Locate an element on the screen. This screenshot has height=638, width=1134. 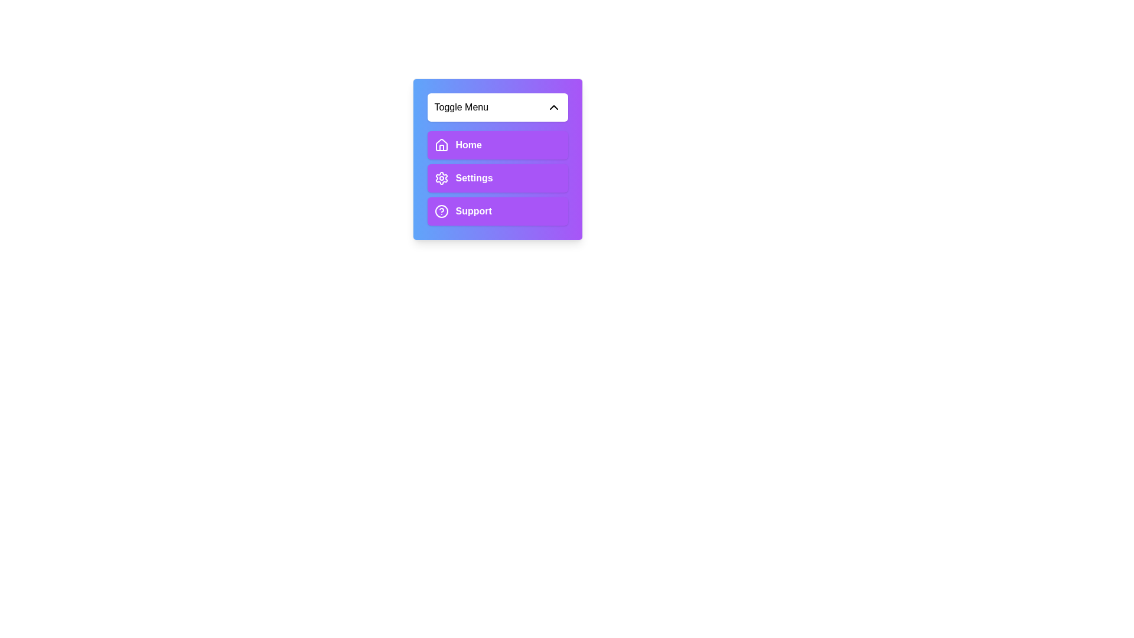
the cog-shaped settings icon within the 'Settings' button, which is the second option in the vertical menu is located at coordinates (441, 178).